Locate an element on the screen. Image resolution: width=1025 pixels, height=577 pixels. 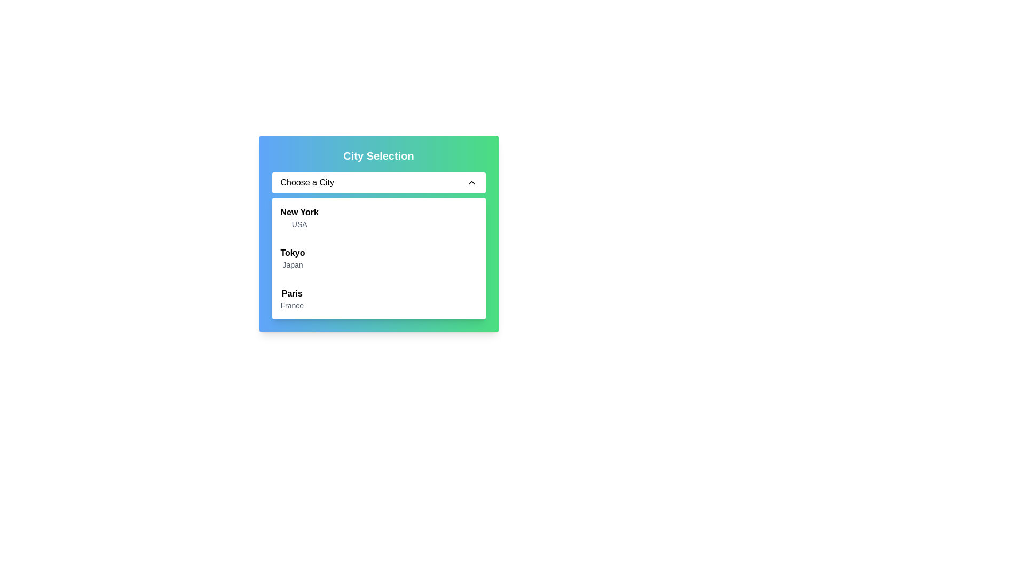
the first selectable item in the dropdown list to choose 'New York, USA' is located at coordinates (379, 217).